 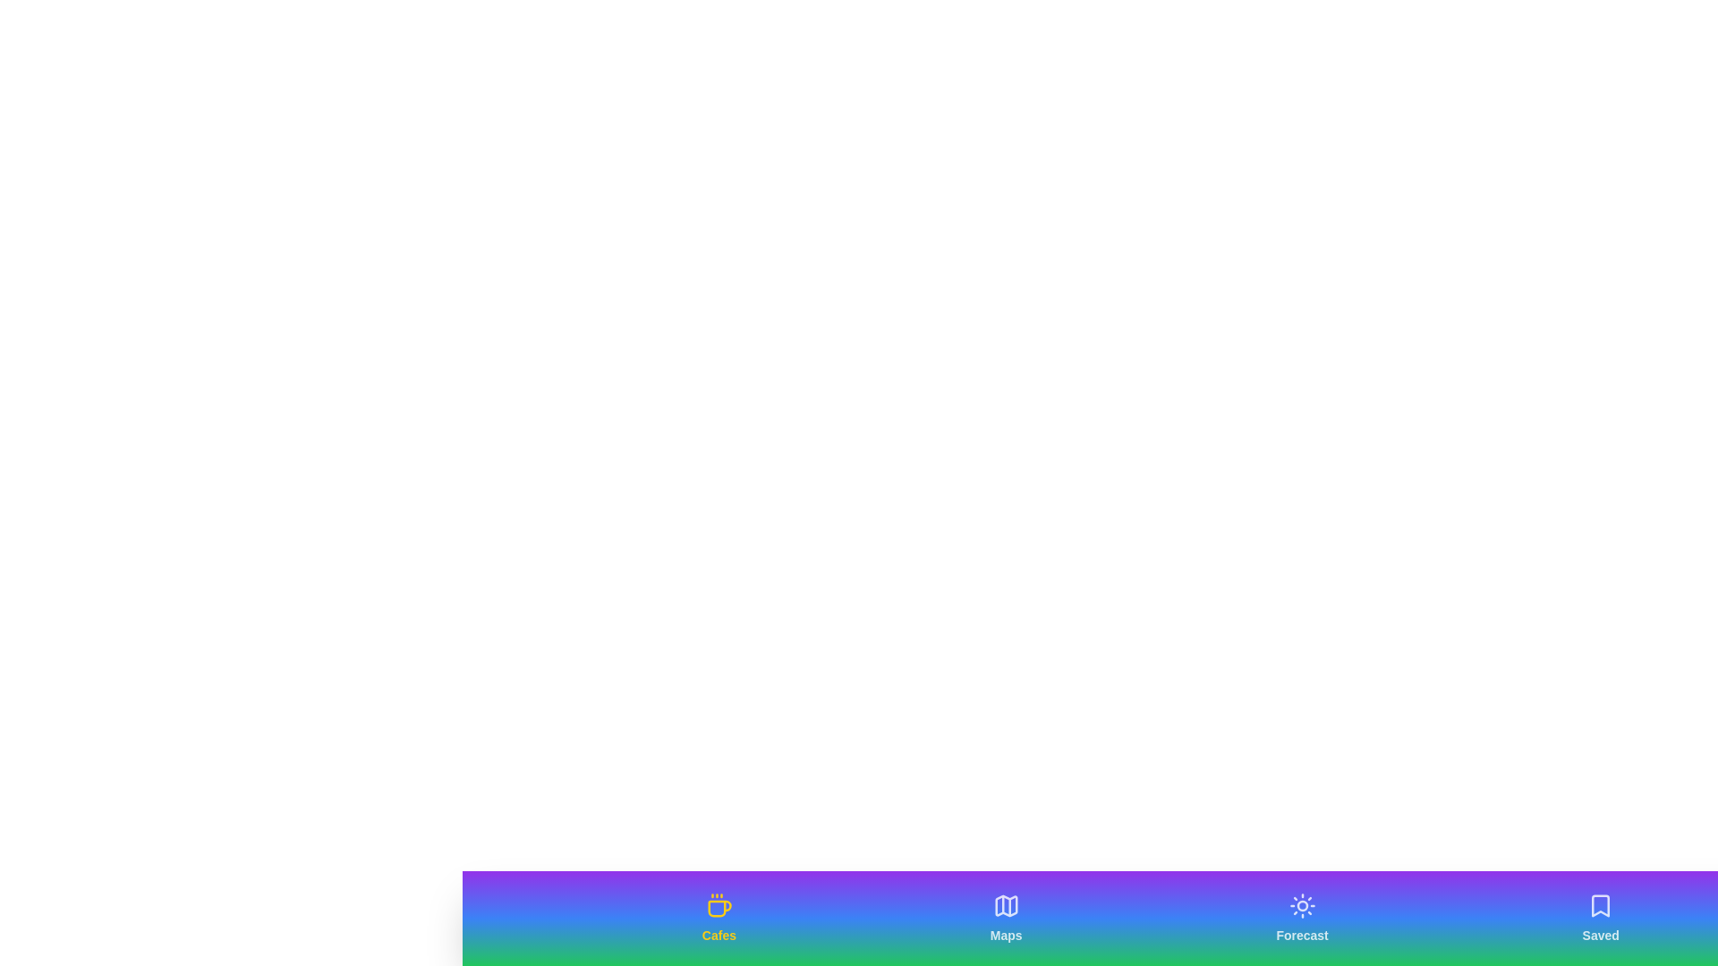 What do you see at coordinates (1601, 918) in the screenshot?
I see `the tab labeled Saved to activate it` at bounding box center [1601, 918].